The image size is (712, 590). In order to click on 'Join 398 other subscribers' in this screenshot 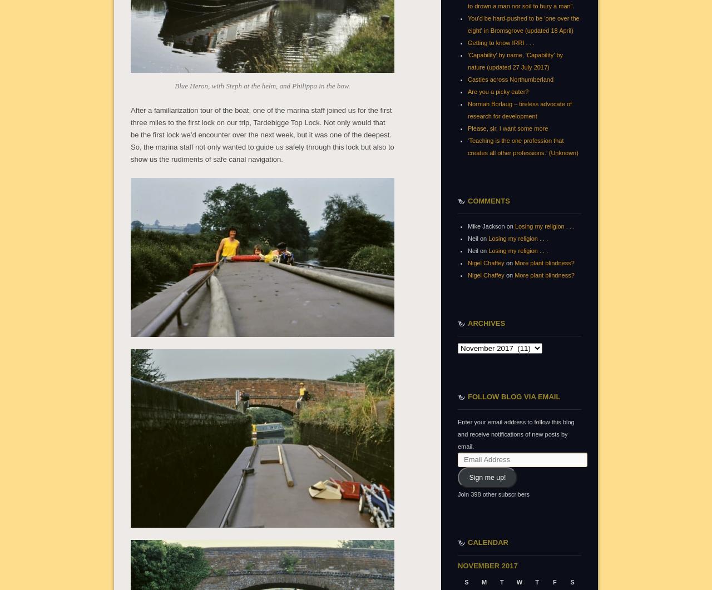, I will do `click(493, 494)`.